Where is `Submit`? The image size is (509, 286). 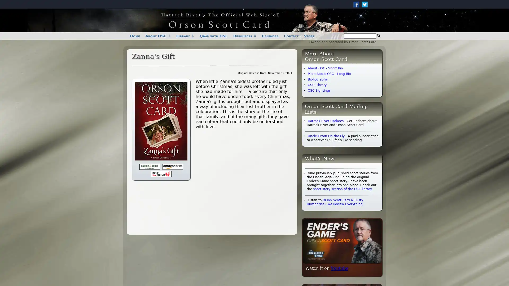
Submit is located at coordinates (379, 36).